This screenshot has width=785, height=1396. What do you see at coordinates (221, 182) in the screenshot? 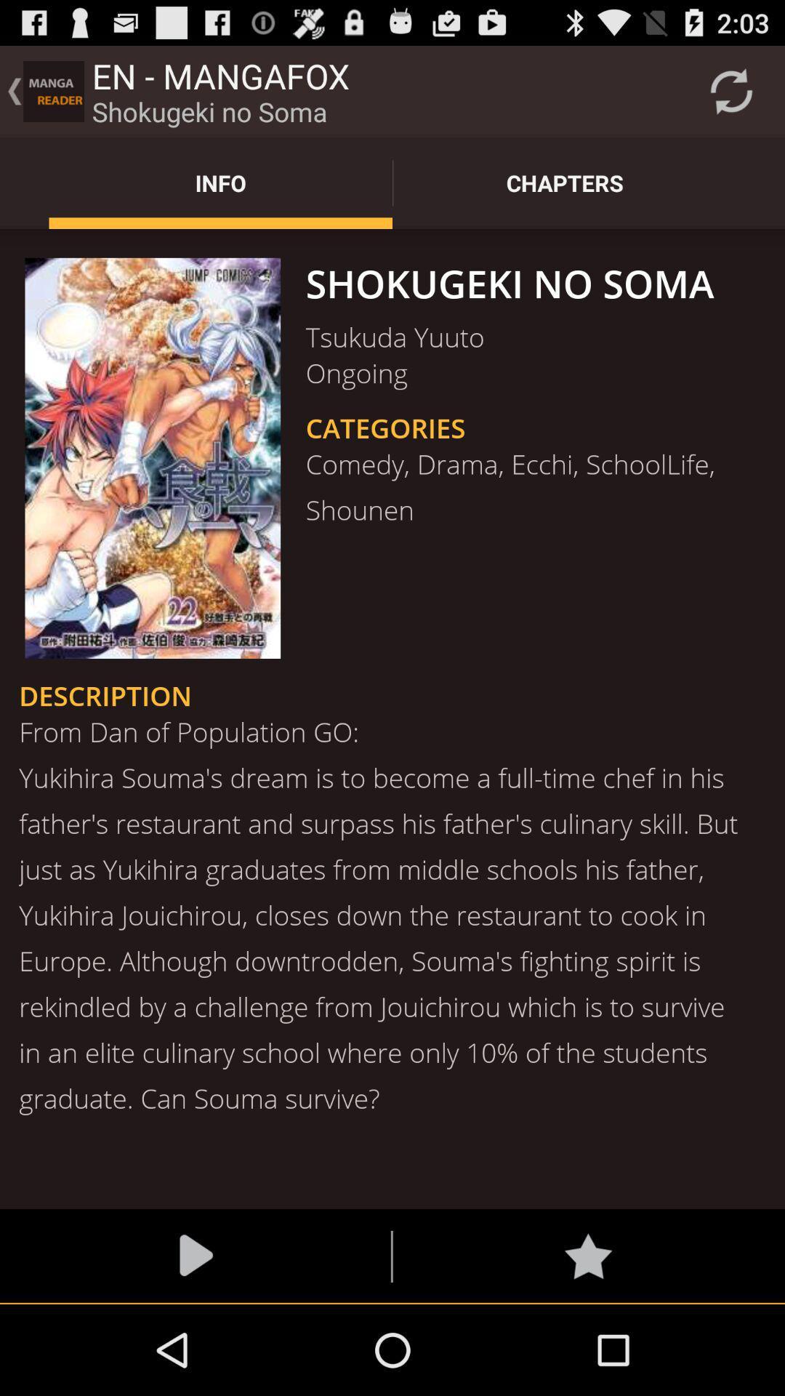
I see `the text which is to the left side of the chapters` at bounding box center [221, 182].